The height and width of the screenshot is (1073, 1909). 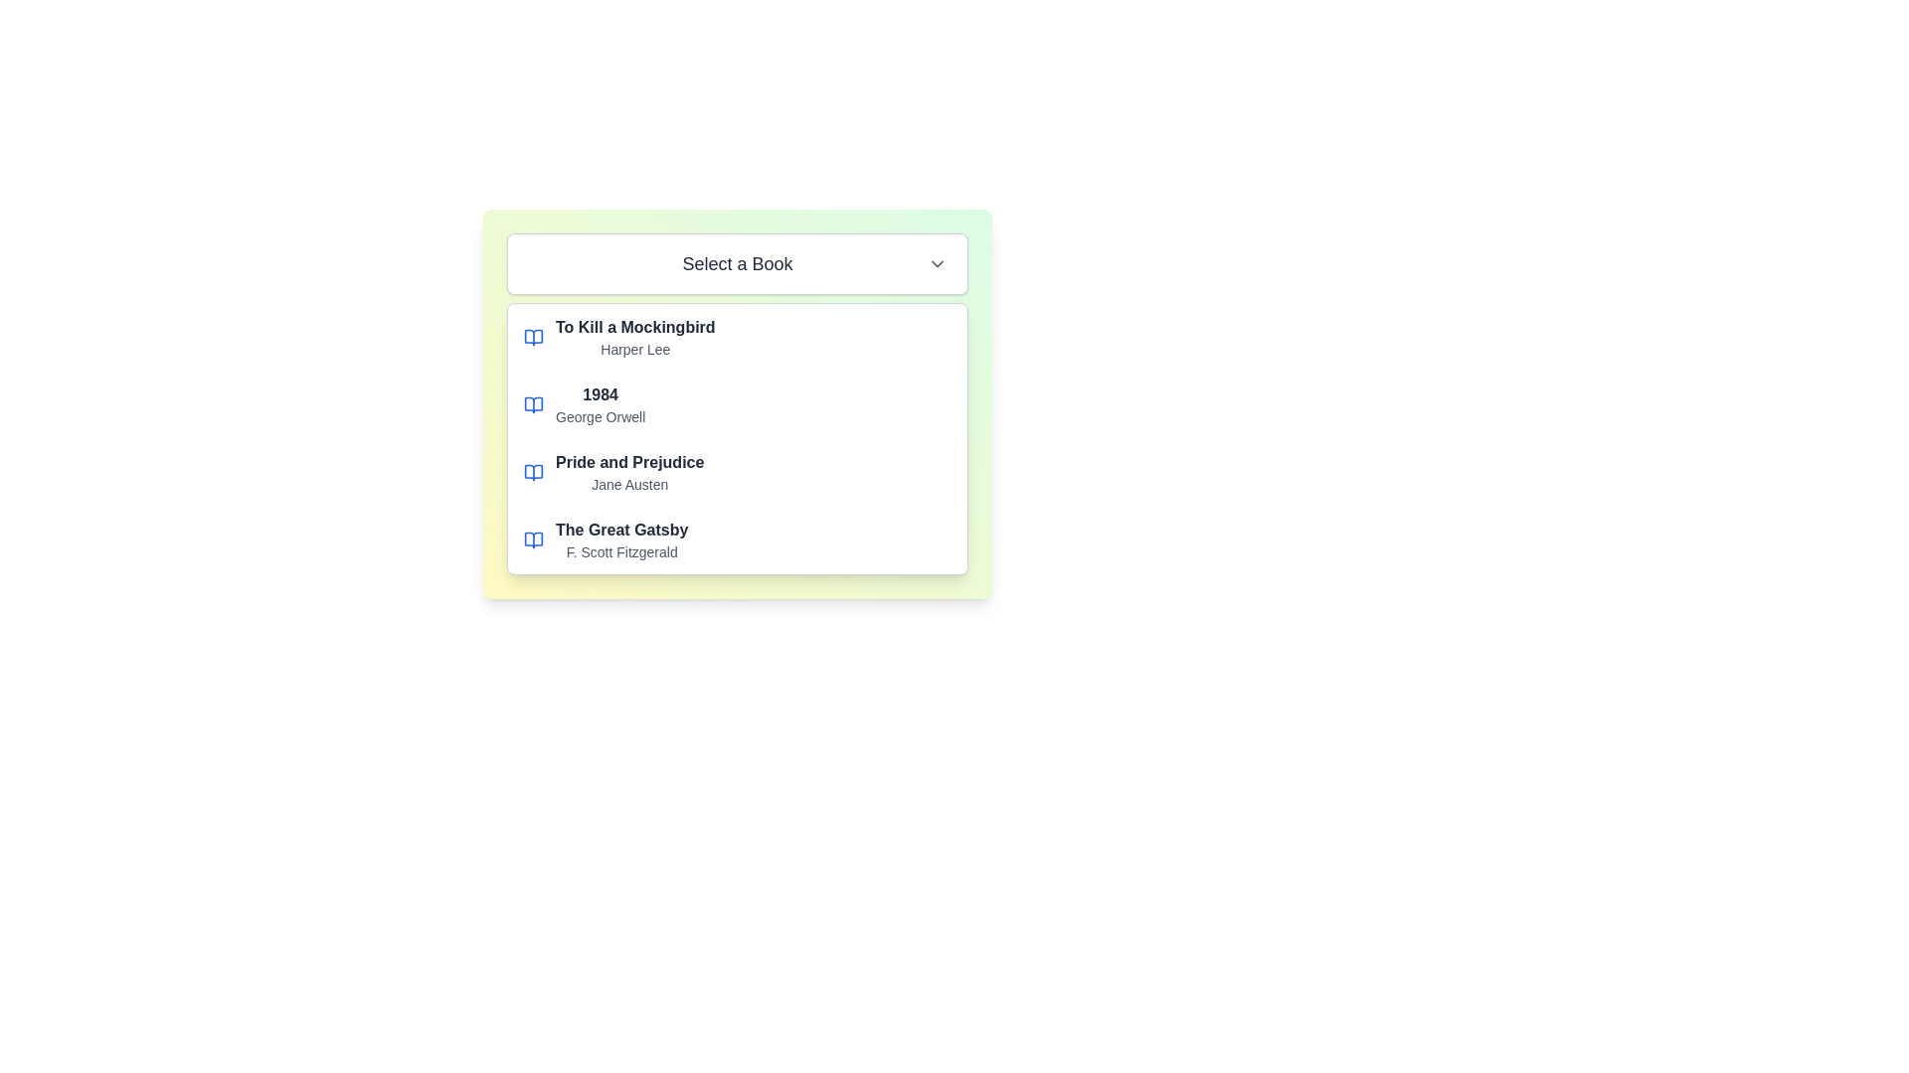 What do you see at coordinates (628, 472) in the screenshot?
I see `on the third item in the dropdown menu for selecting a book, which is positioned between '1984' and 'The Great Gatsby'` at bounding box center [628, 472].